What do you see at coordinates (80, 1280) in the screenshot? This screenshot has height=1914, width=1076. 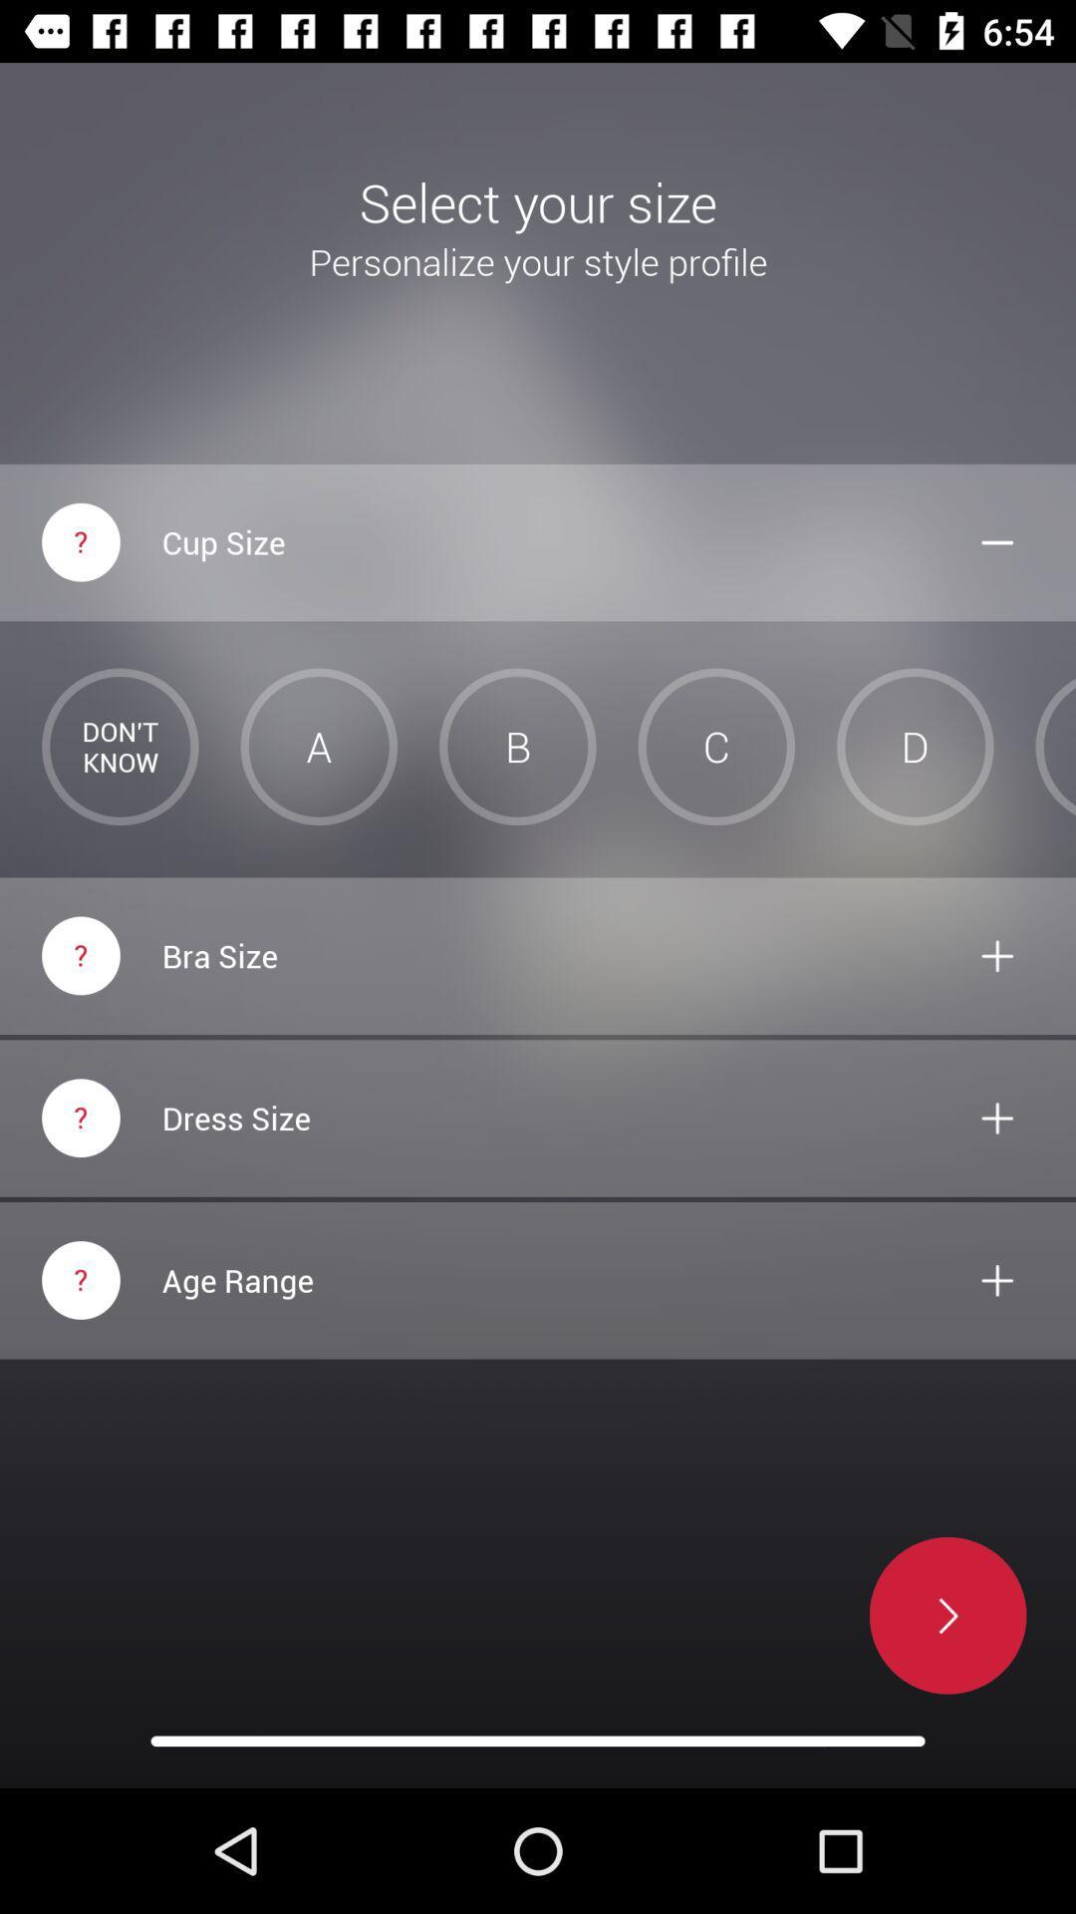 I see `the help icon` at bounding box center [80, 1280].